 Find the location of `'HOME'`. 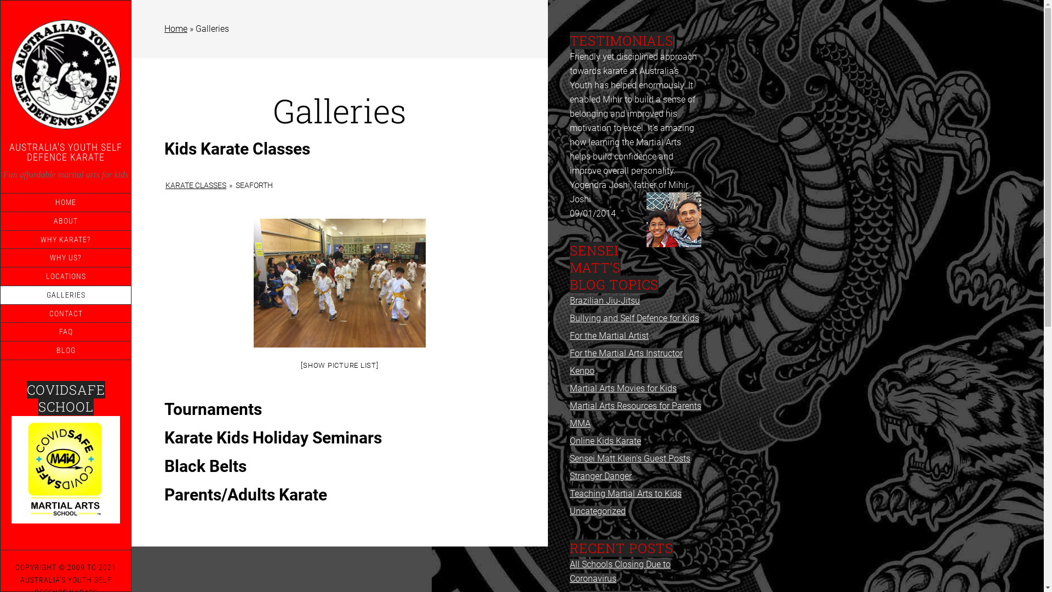

'HOME' is located at coordinates (65, 202).